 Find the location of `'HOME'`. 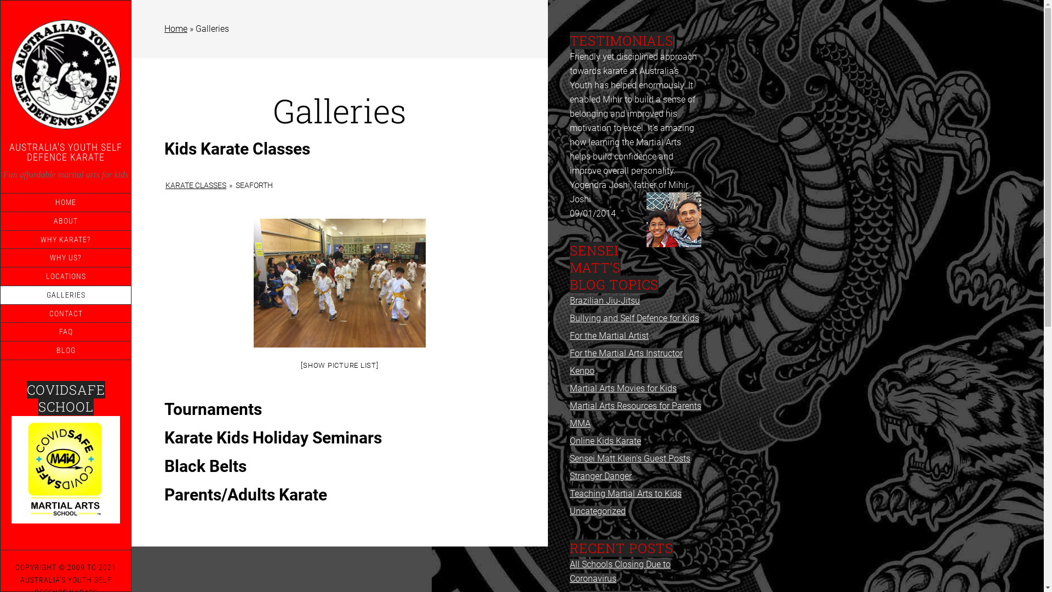

'HOME' is located at coordinates (65, 202).